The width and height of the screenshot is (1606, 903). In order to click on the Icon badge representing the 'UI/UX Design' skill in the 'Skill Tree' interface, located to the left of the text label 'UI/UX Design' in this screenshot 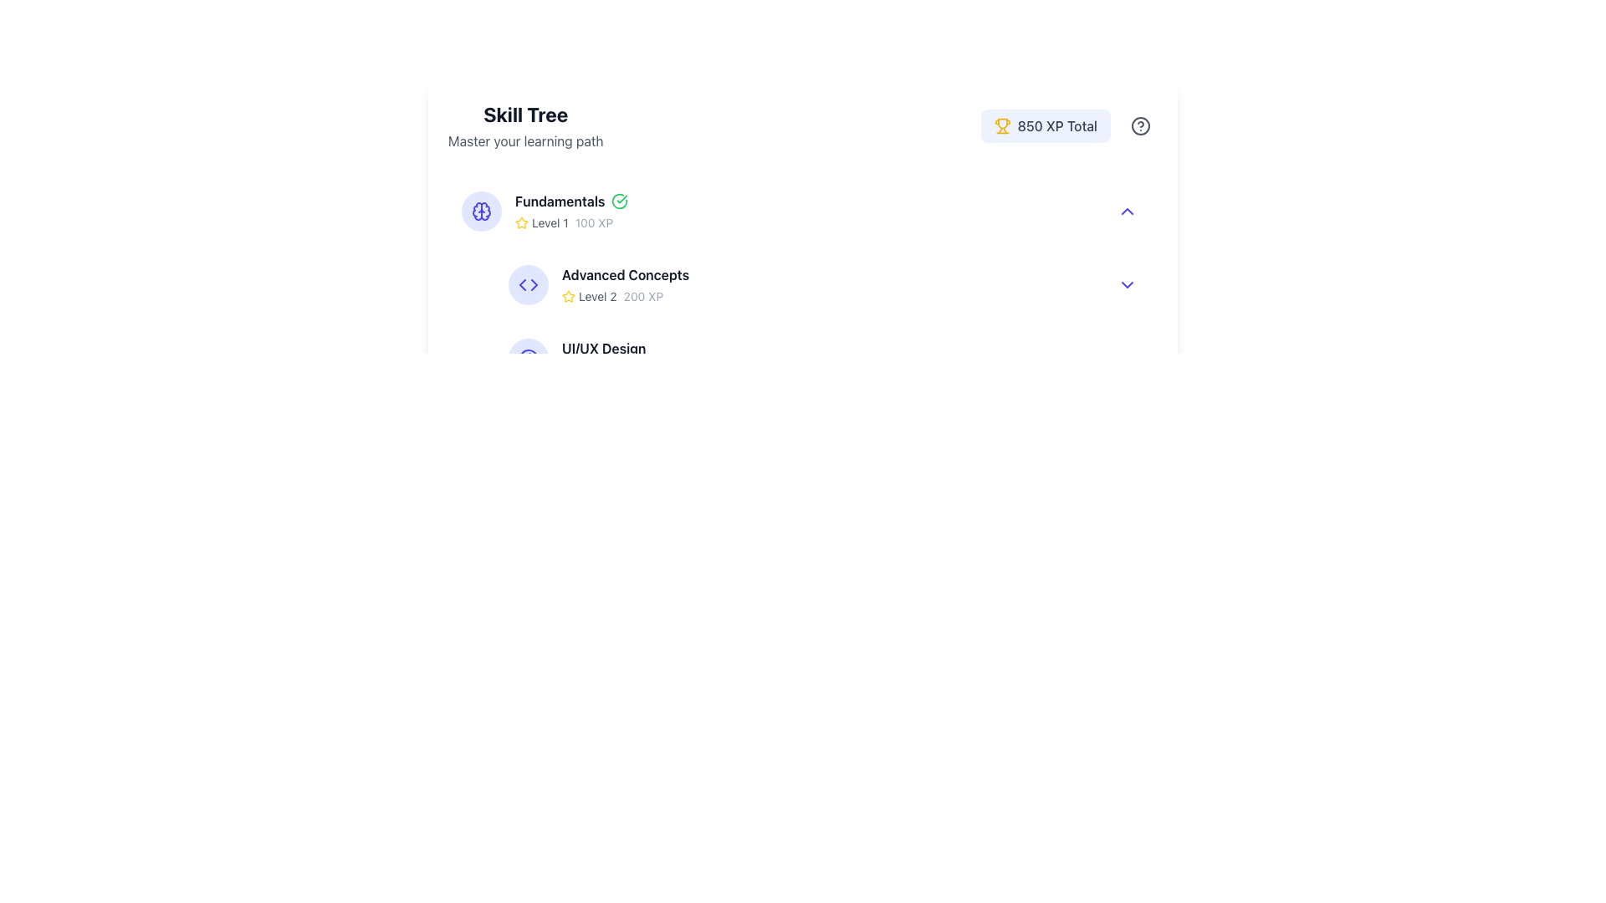, I will do `click(528, 357)`.